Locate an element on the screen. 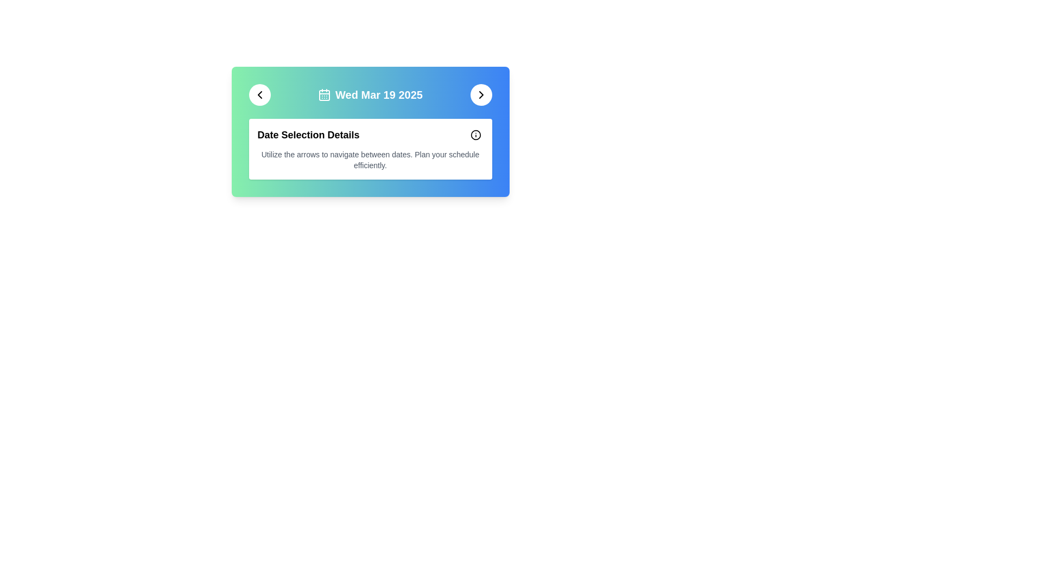  the interactive information icon located at the top-right corner of the 'Date Selection Details' section is located at coordinates (475, 135).